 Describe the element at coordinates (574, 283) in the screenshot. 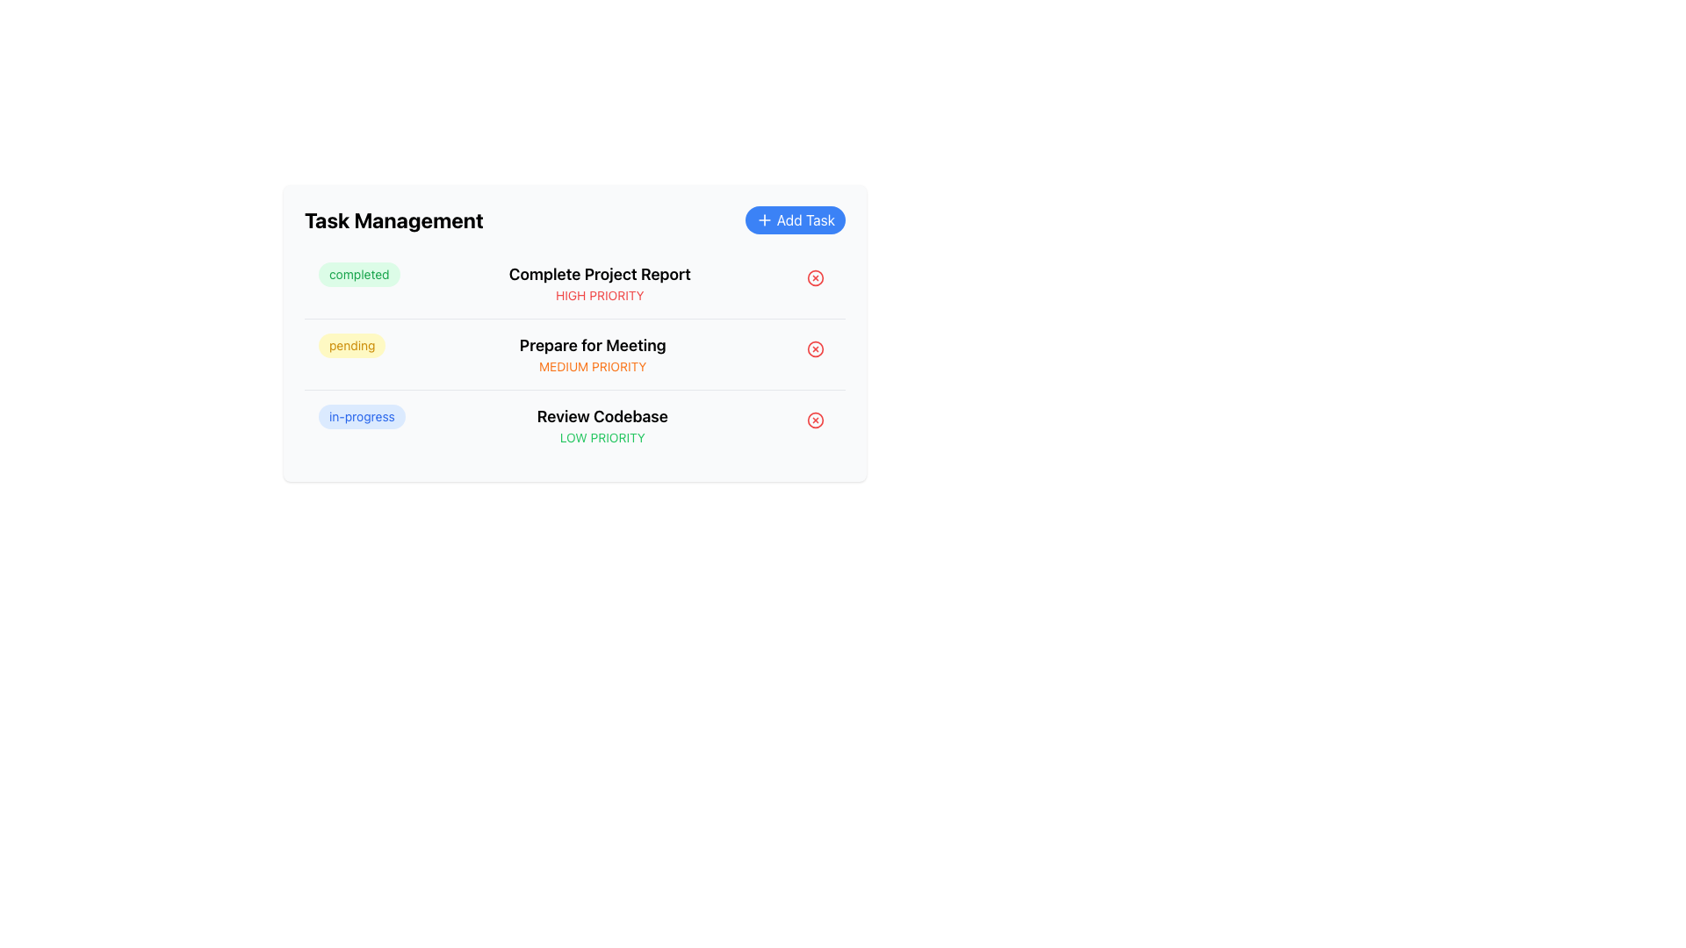

I see `the first task entry in the 'Task Management' list, which includes a green 'completed' label, a bold task description 'Complete Project Report', and a red delete icon on the right` at that location.